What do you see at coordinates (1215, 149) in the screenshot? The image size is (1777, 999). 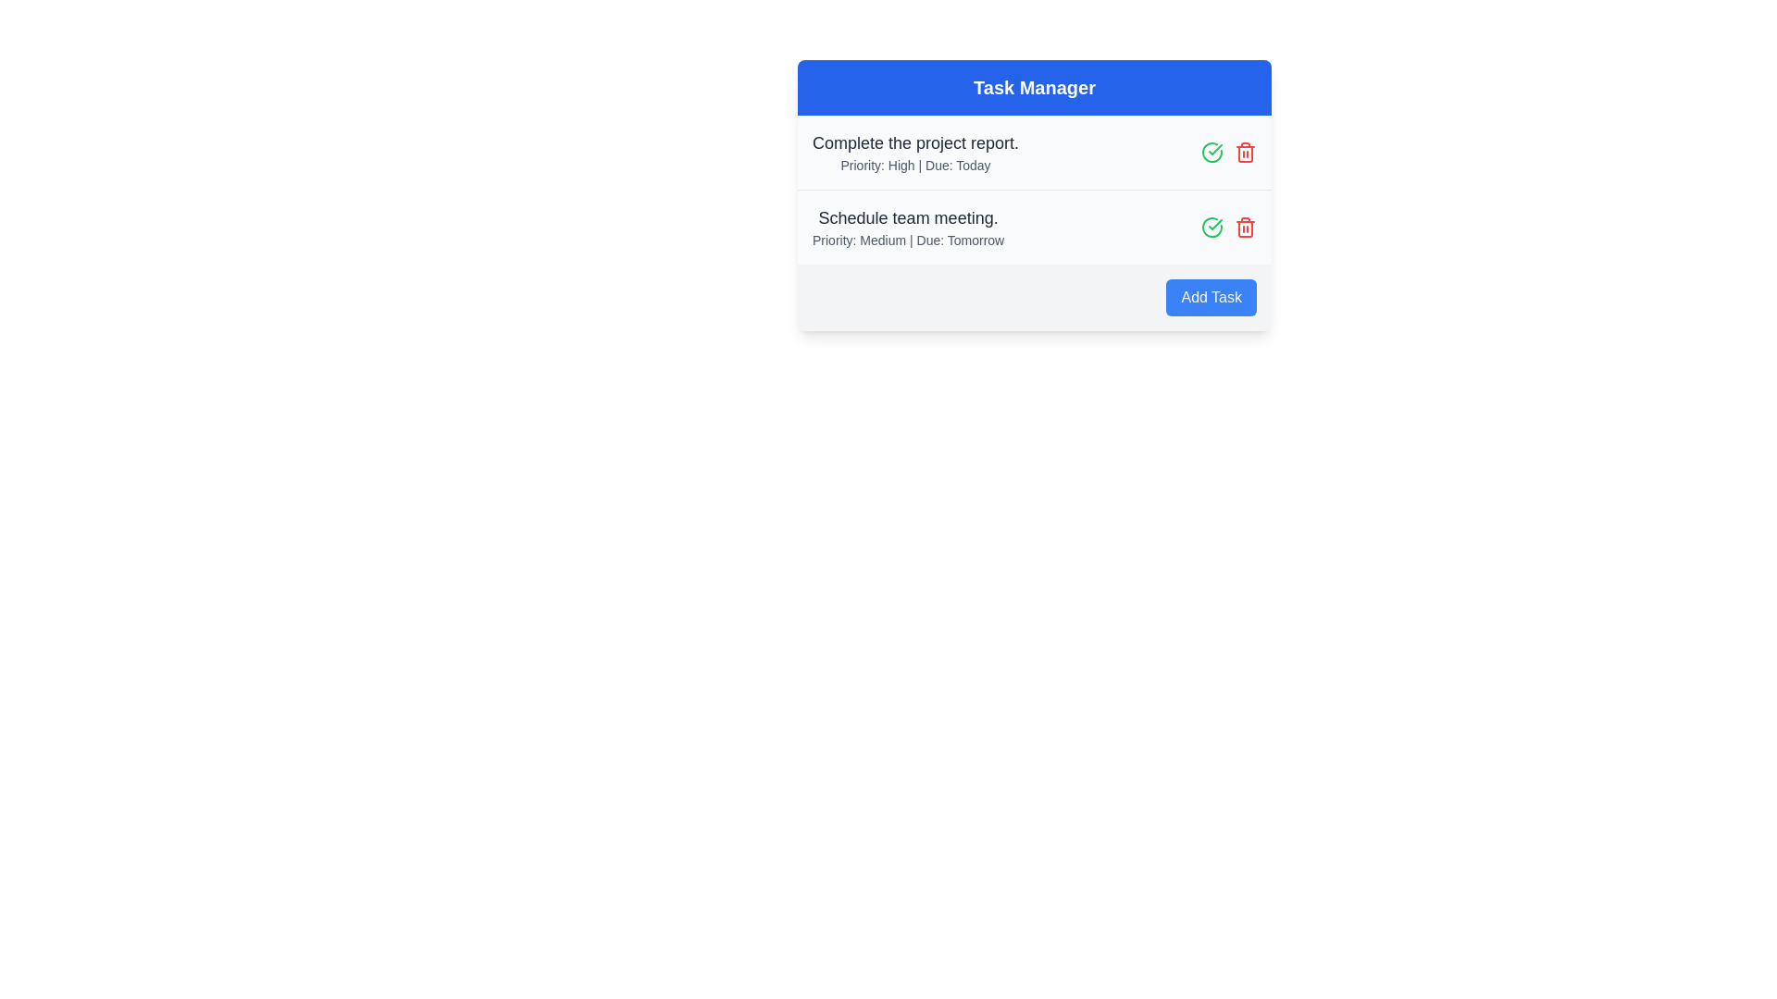 I see `the green check mark icon located` at bounding box center [1215, 149].